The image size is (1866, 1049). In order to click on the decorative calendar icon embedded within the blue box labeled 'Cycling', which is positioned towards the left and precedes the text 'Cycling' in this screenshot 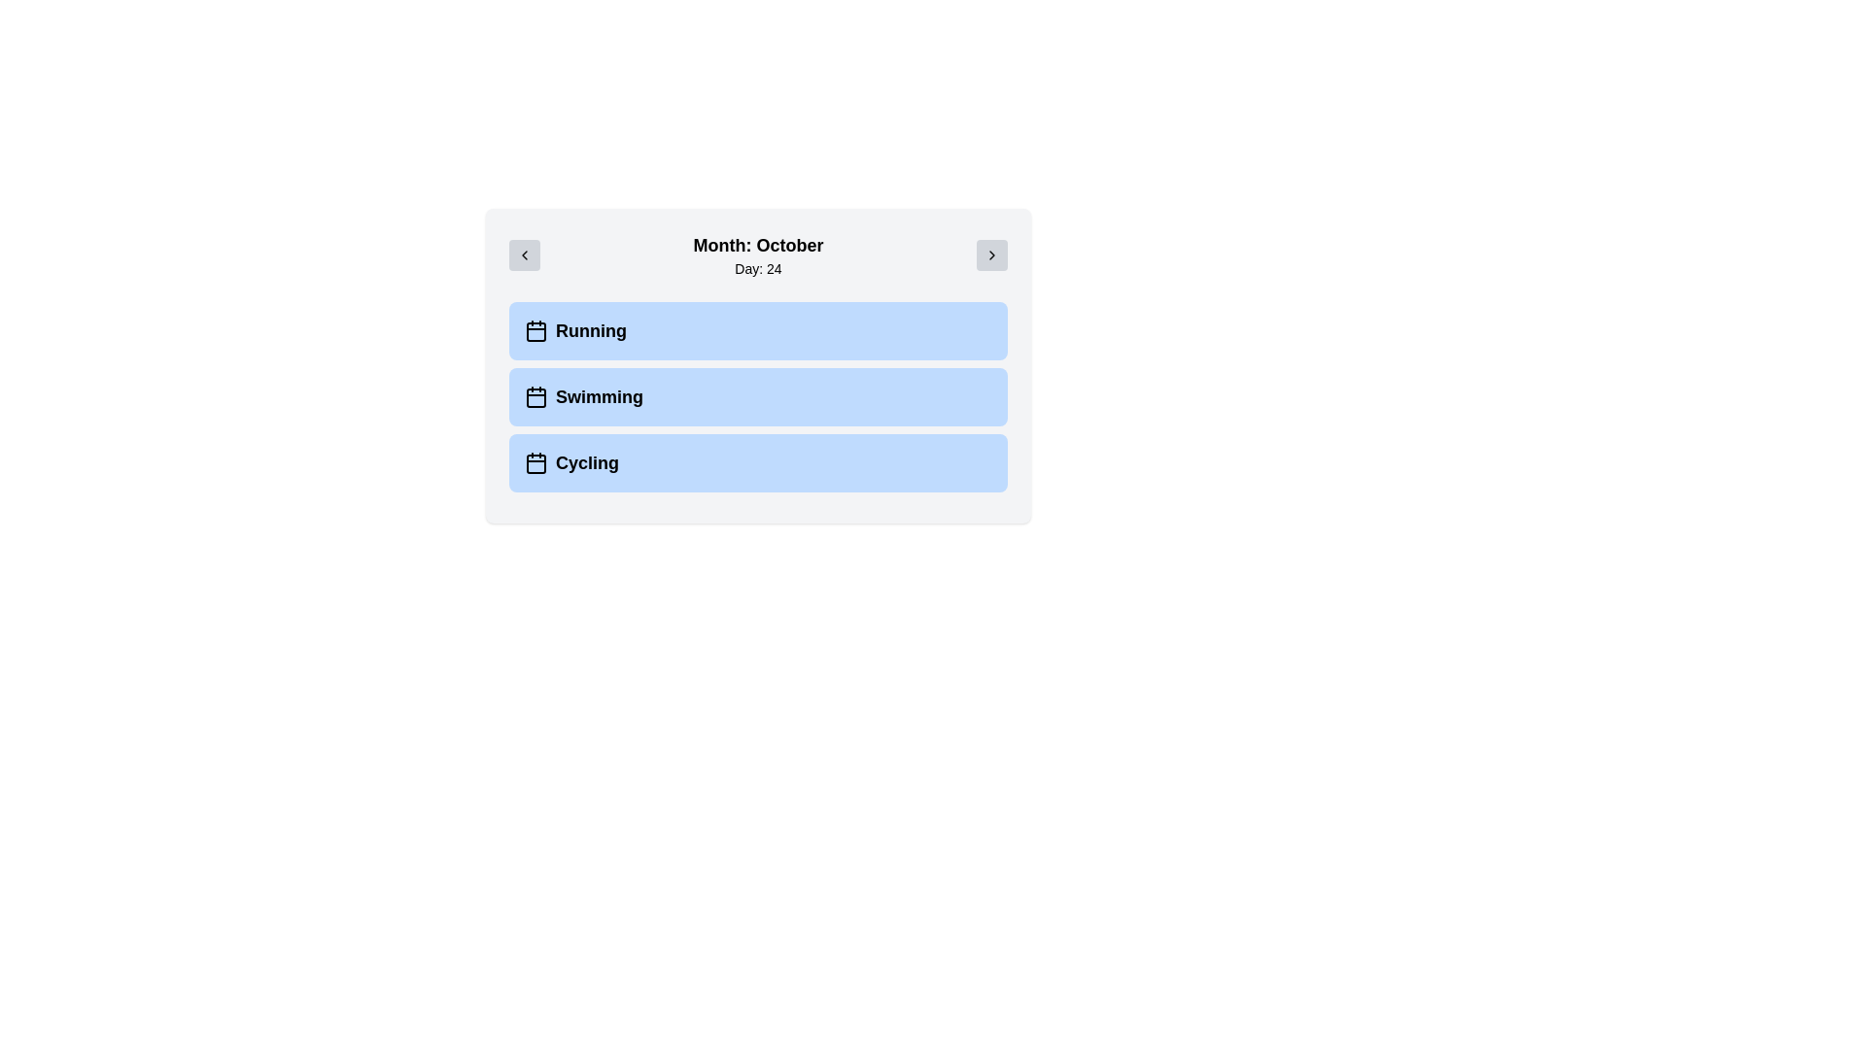, I will do `click(536, 463)`.